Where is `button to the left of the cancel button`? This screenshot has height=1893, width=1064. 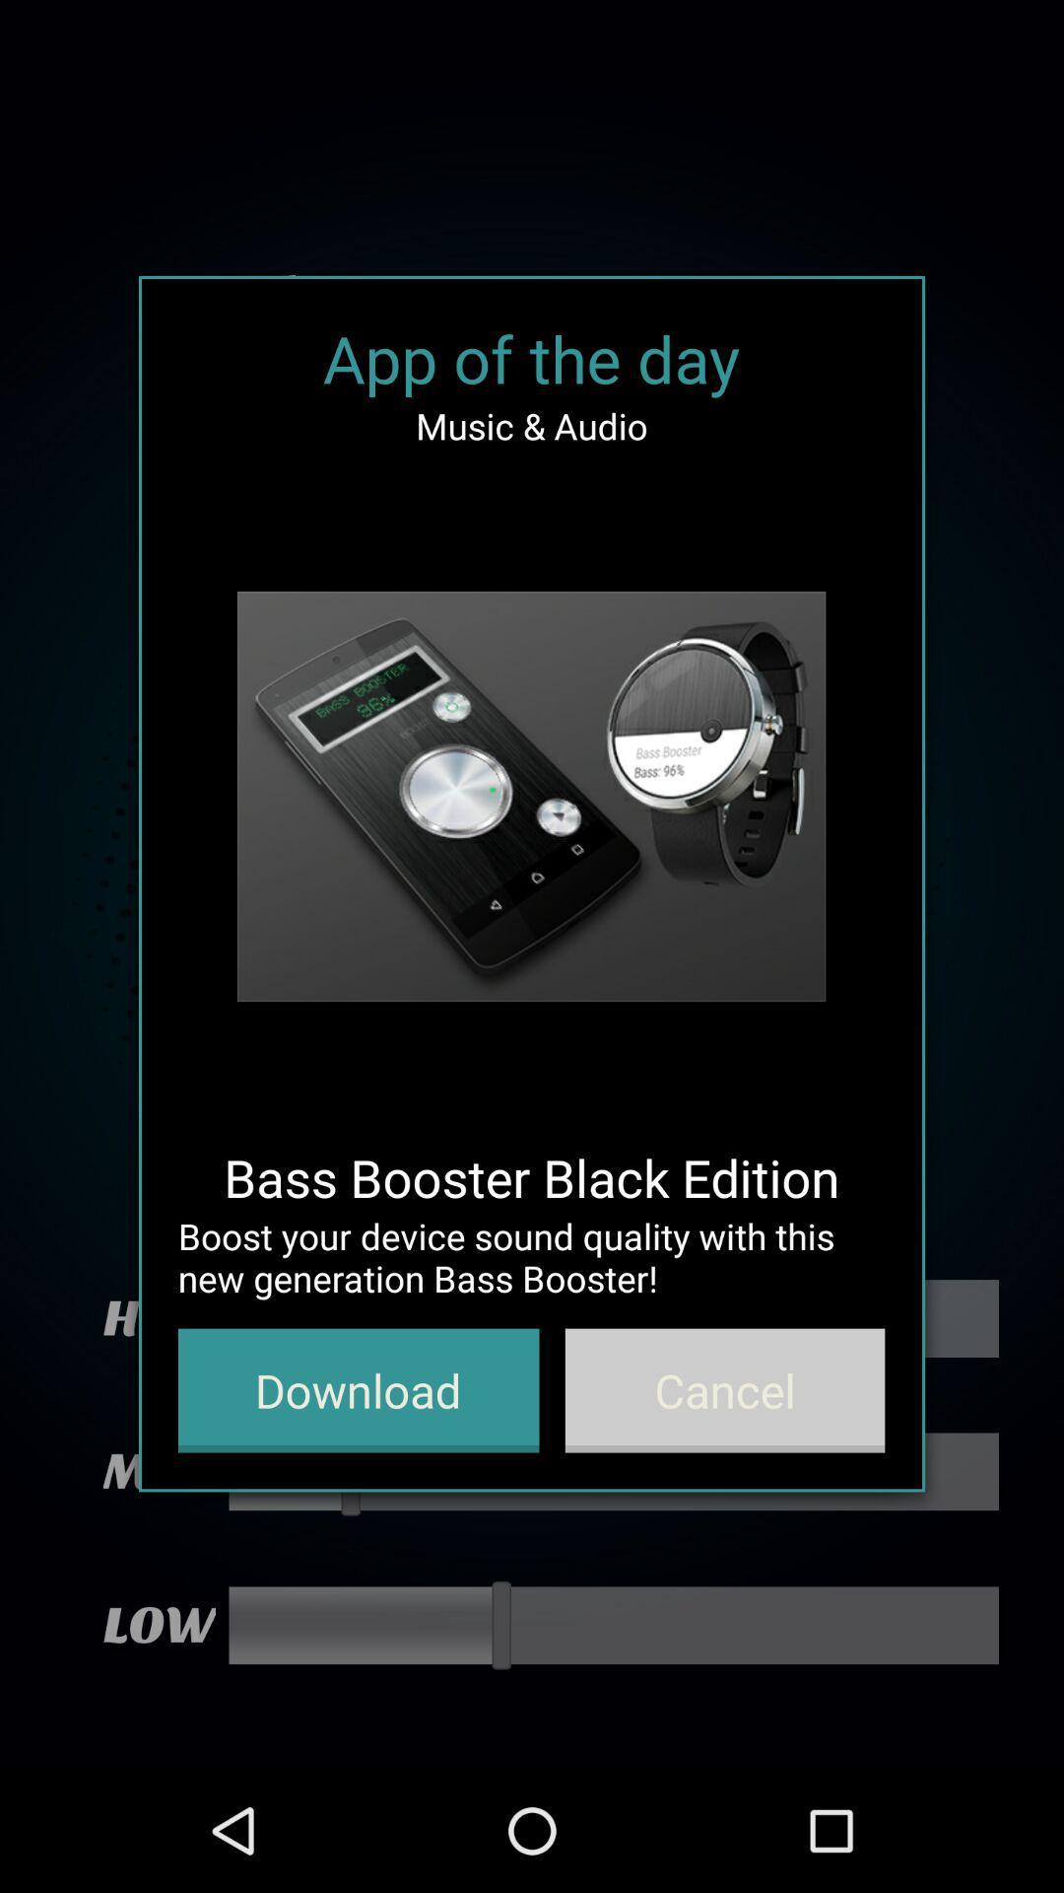 button to the left of the cancel button is located at coordinates (359, 1389).